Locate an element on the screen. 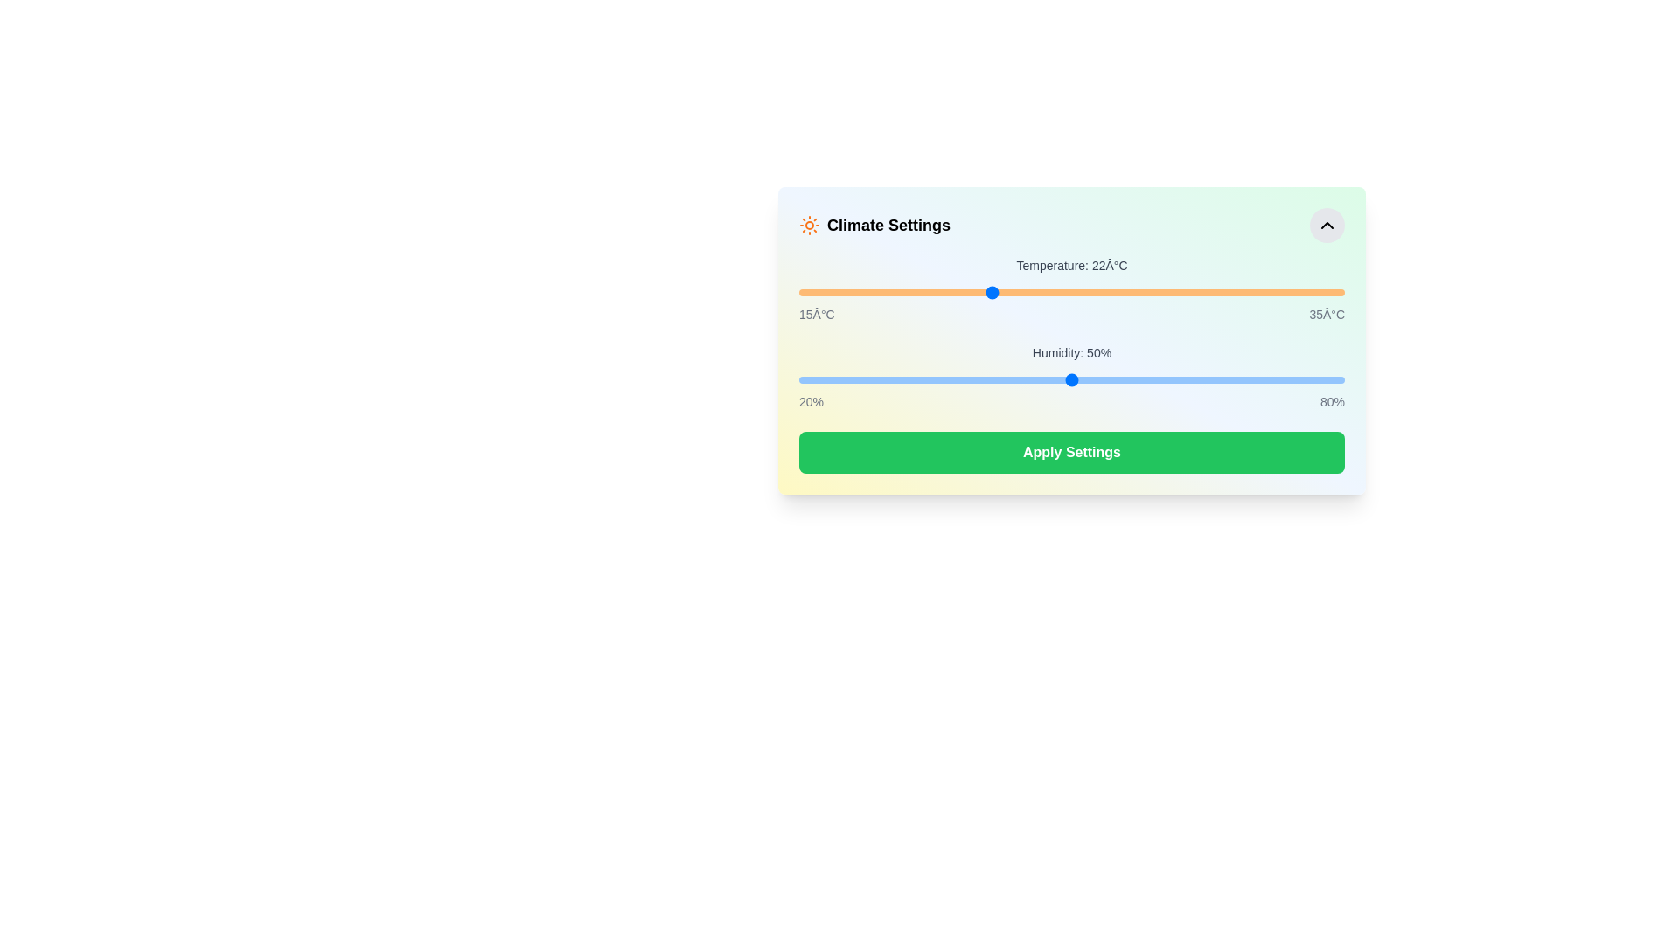  the Text Label indicating the minimum value in the temperature range selection interface, positioned at the left side of the range is located at coordinates (816, 313).